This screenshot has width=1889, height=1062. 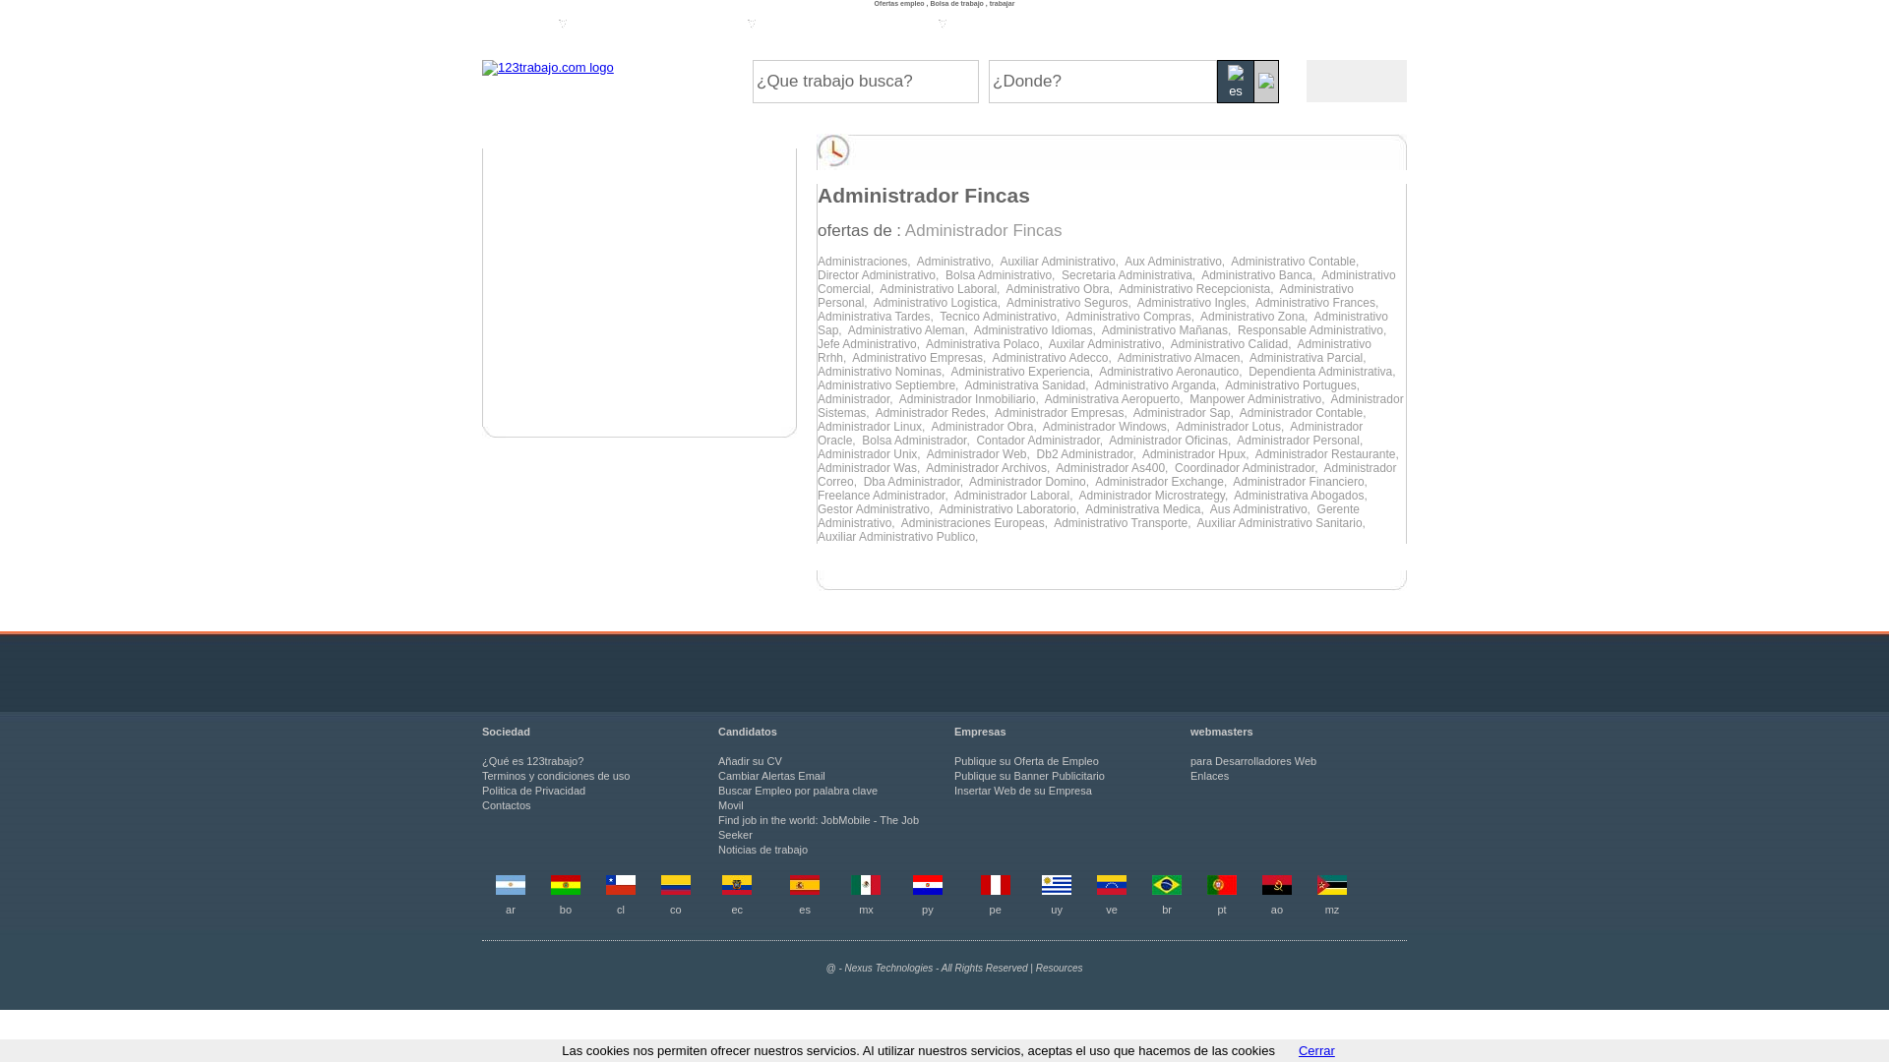 What do you see at coordinates (858, 398) in the screenshot?
I see `'Administrador, '` at bounding box center [858, 398].